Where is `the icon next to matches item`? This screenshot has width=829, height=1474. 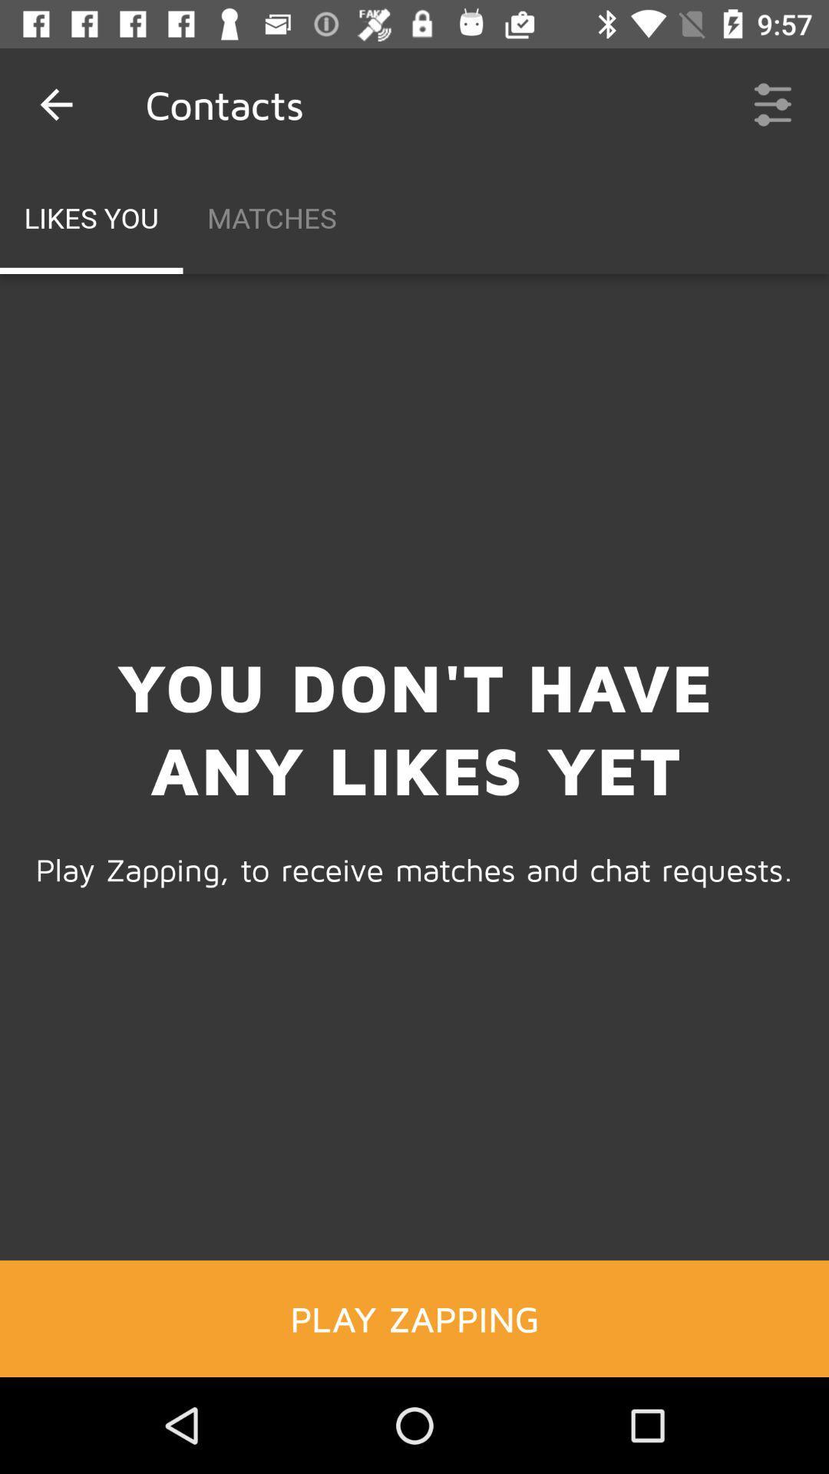 the icon next to matches item is located at coordinates (772, 104).